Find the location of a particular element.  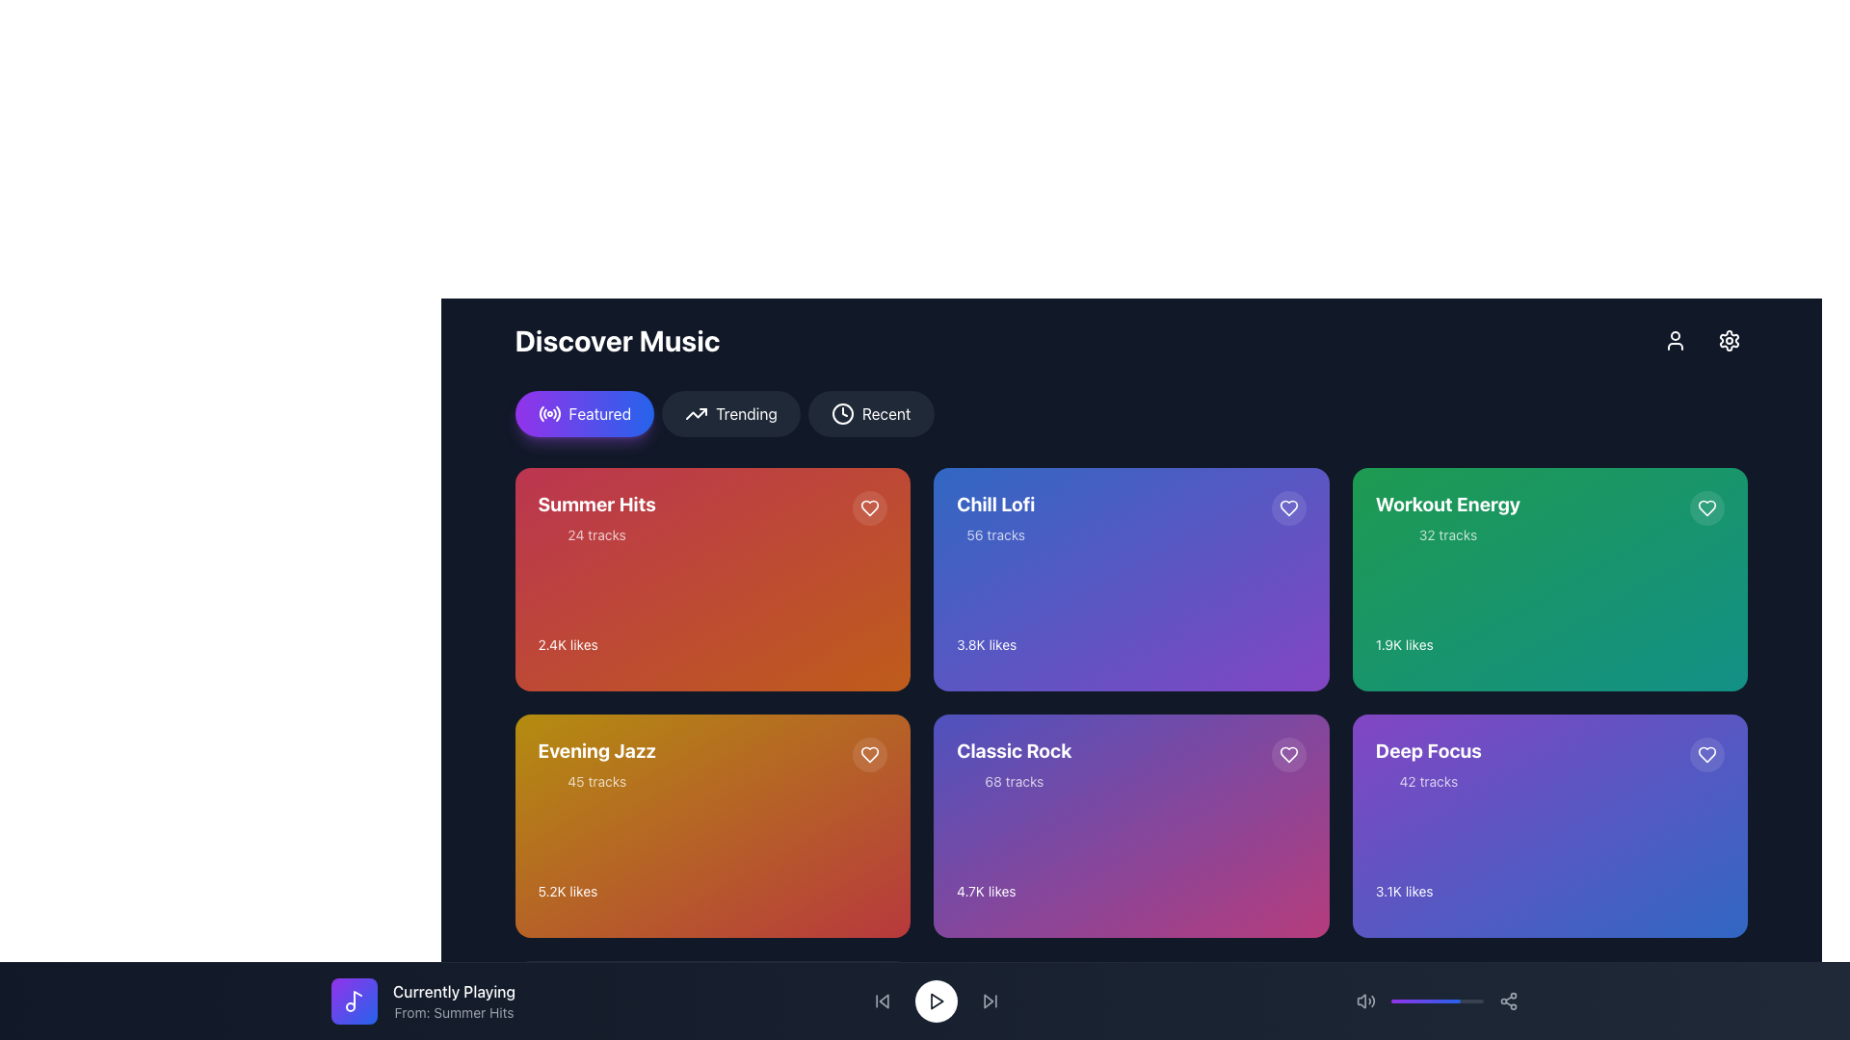

text from the Text Label that indicates the number of tracks in the 'Workout Energy' playlist, which is located below the title and above the likes text is located at coordinates (1447, 534).